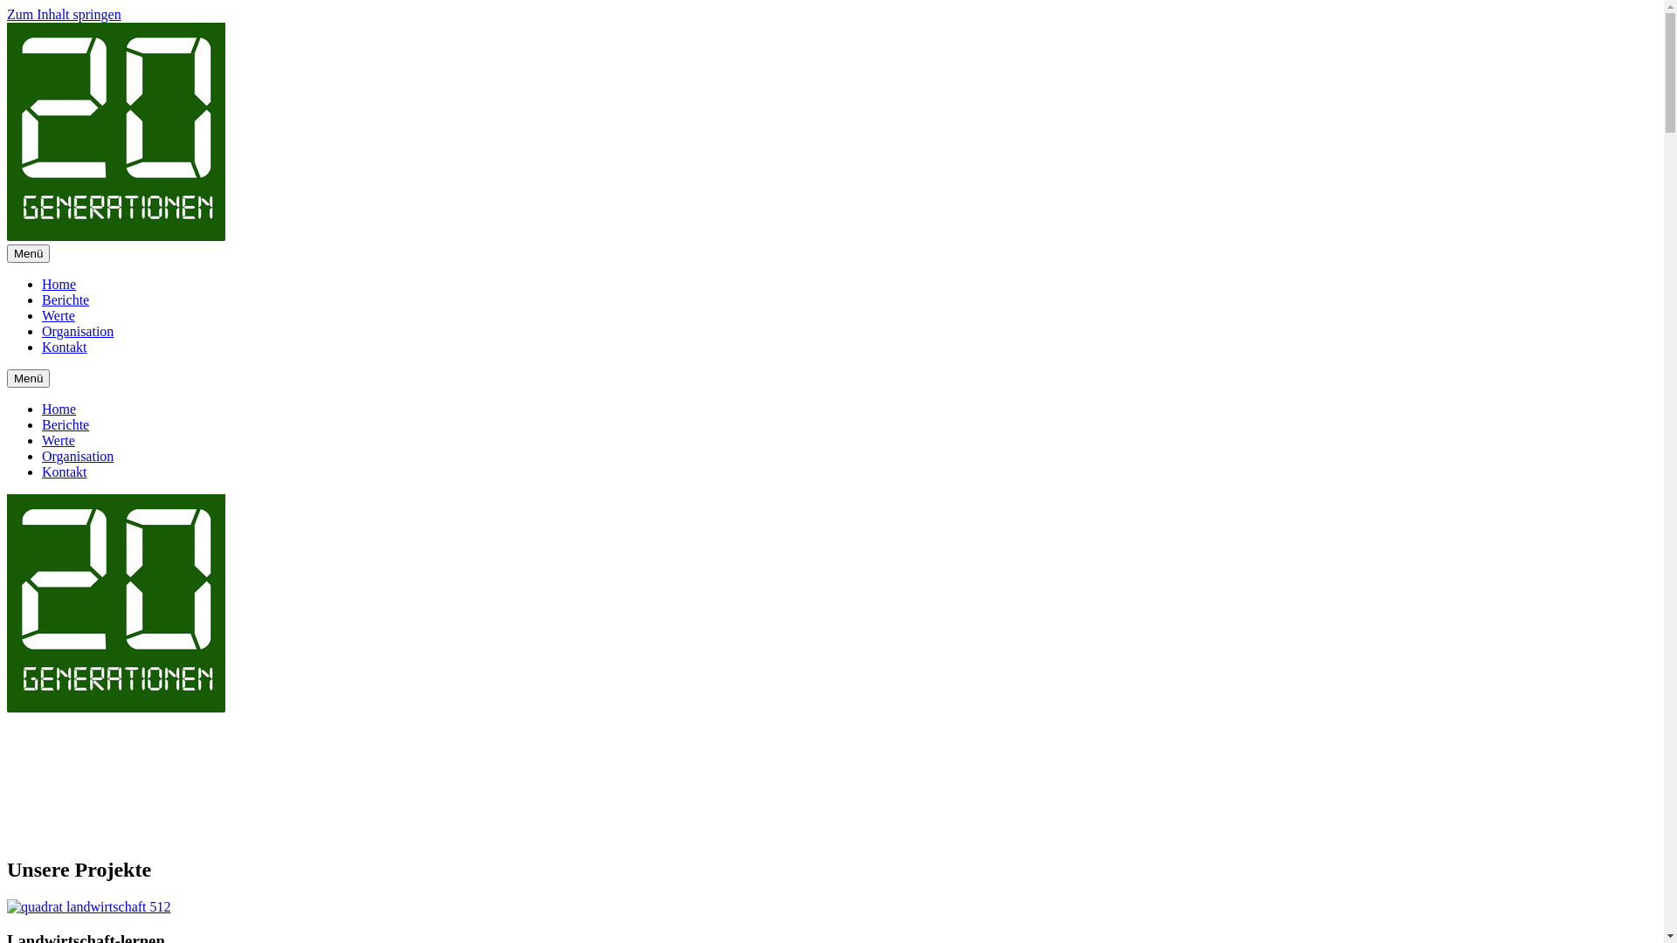 The height and width of the screenshot is (943, 1677). What do you see at coordinates (59, 439) in the screenshot?
I see `'Werte'` at bounding box center [59, 439].